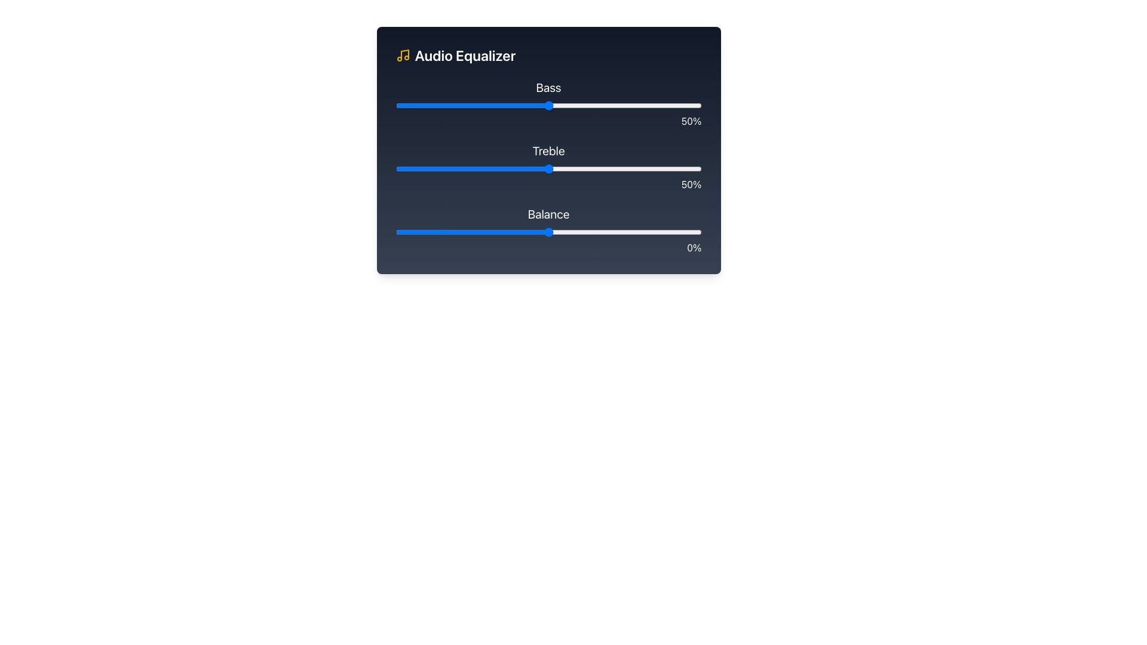  What do you see at coordinates (548, 232) in the screenshot?
I see `the balance slider located below the 'Balance' label and above the '0%' indicator in the audio equalizer interface` at bounding box center [548, 232].